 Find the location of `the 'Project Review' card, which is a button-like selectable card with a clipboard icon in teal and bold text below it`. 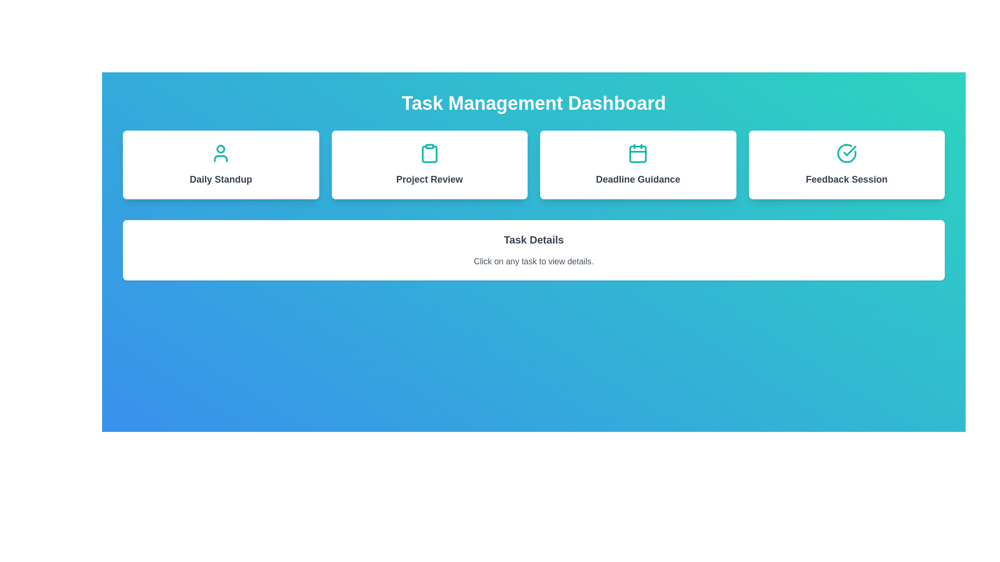

the 'Project Review' card, which is a button-like selectable card with a clipboard icon in teal and bold text below it is located at coordinates (429, 164).